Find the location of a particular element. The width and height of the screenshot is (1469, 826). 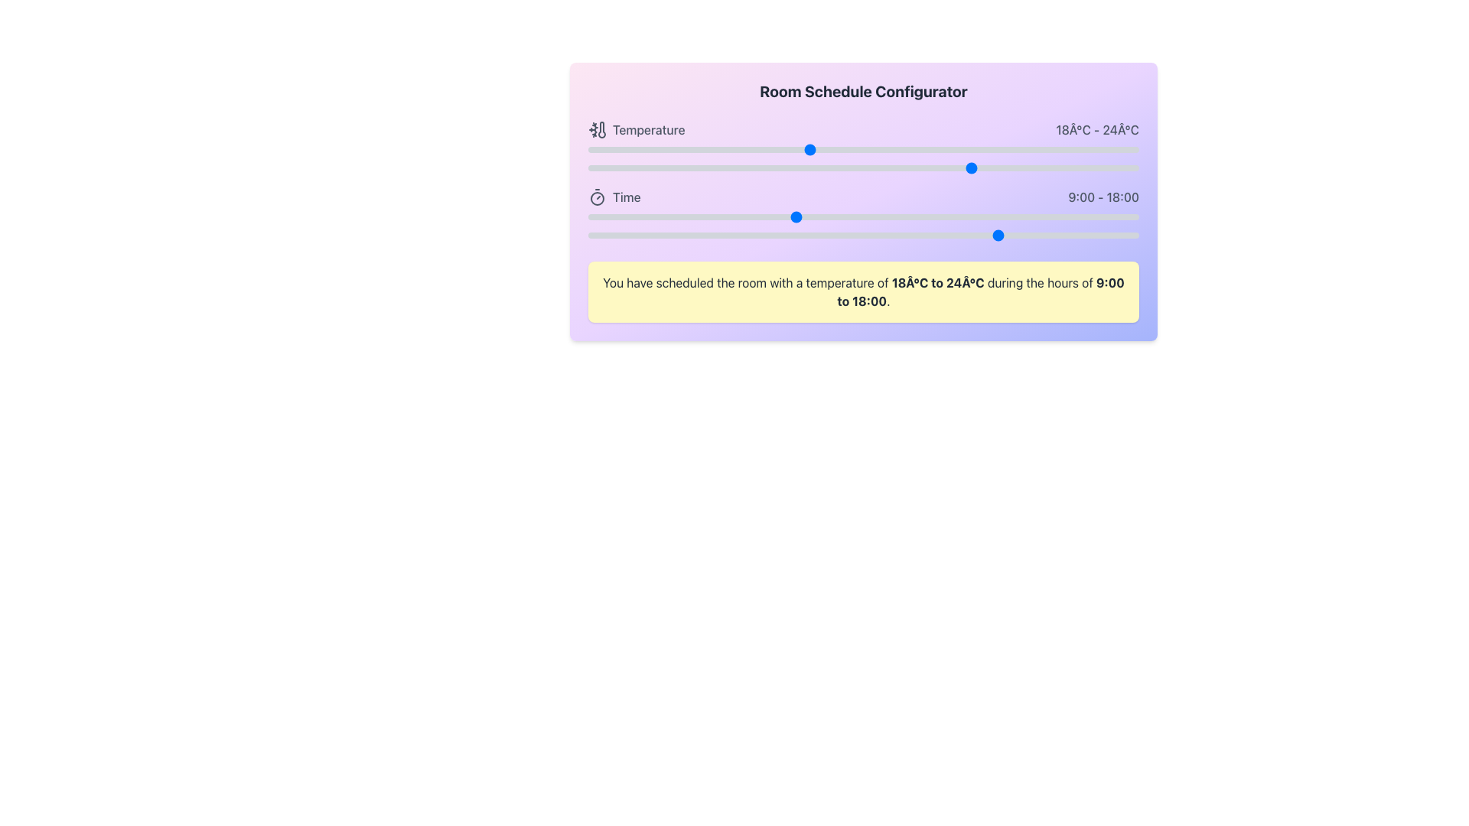

the read-only Text Display that shows the selected temperature range for the room, located in the upper-right section of the 'Room Schedule Configurator' box is located at coordinates (1096, 128).